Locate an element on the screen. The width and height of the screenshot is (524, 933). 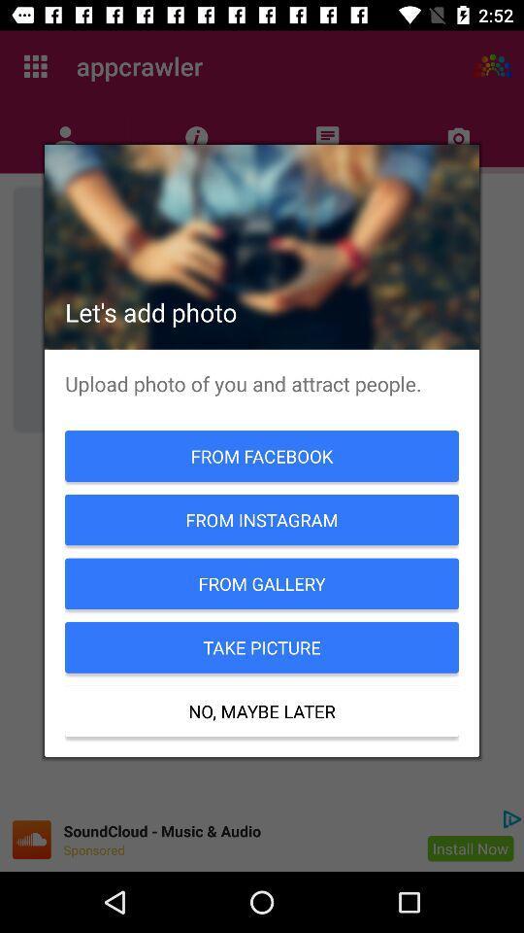
from instagram item is located at coordinates (262, 519).